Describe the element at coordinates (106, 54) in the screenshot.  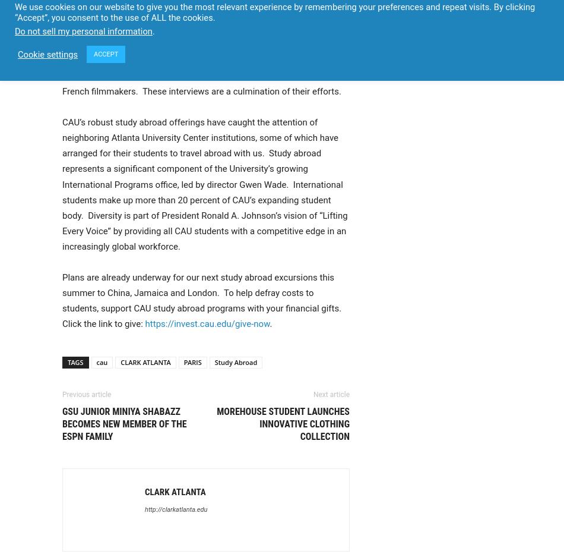
I see `'ACCEPT'` at that location.